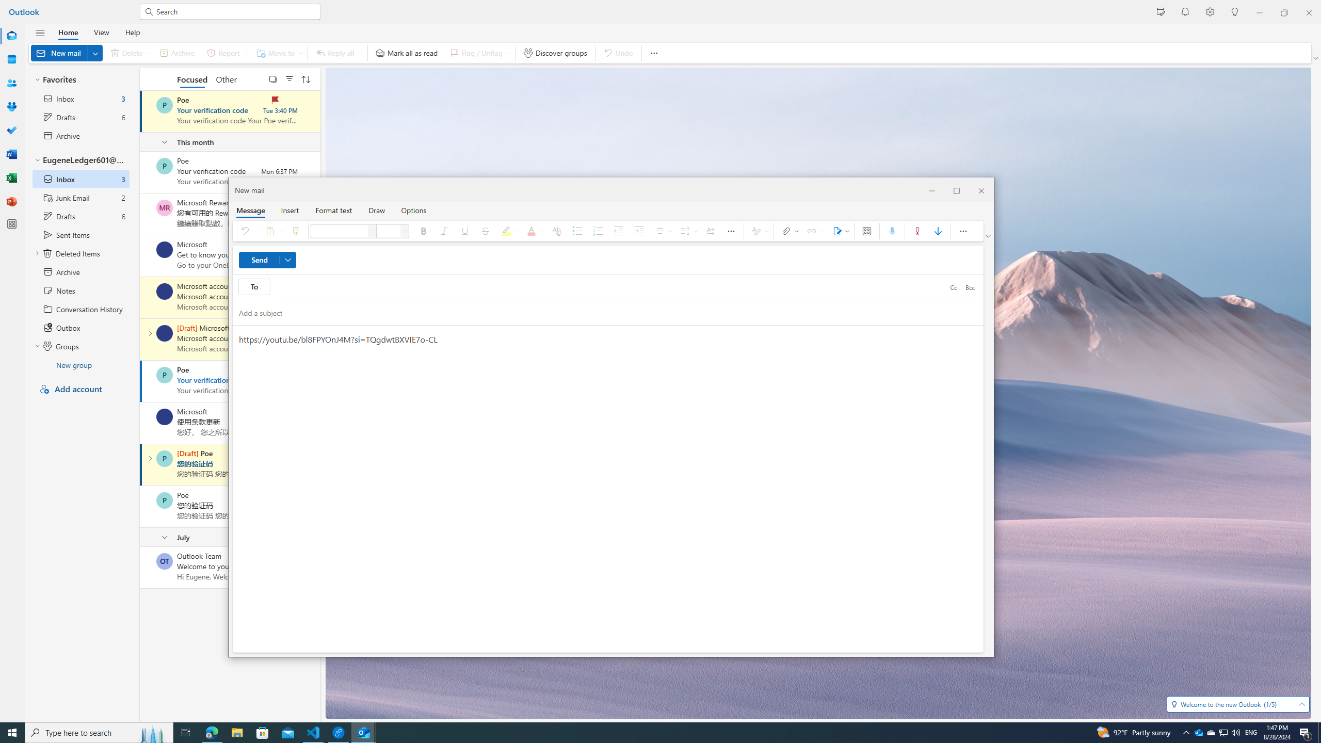 The width and height of the screenshot is (1321, 743). What do you see at coordinates (508, 231) in the screenshot?
I see `'Text highlight color'` at bounding box center [508, 231].